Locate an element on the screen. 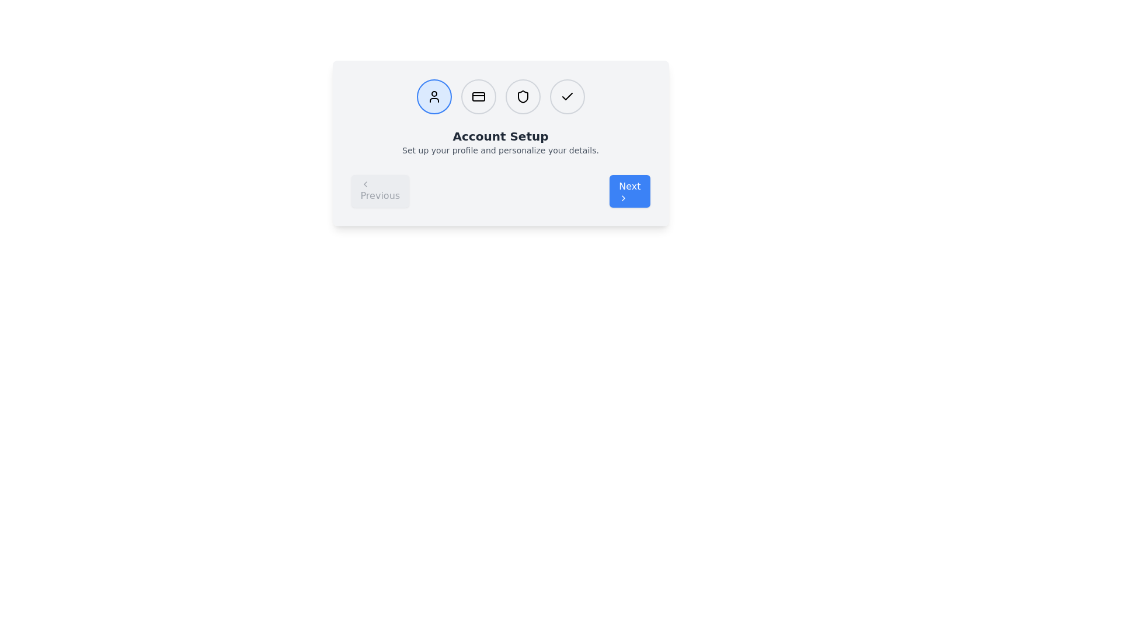  the confirmation icon with a checkmark symbol, located as the fourth icon in a horizontal layout of circular icons is located at coordinates (567, 96).